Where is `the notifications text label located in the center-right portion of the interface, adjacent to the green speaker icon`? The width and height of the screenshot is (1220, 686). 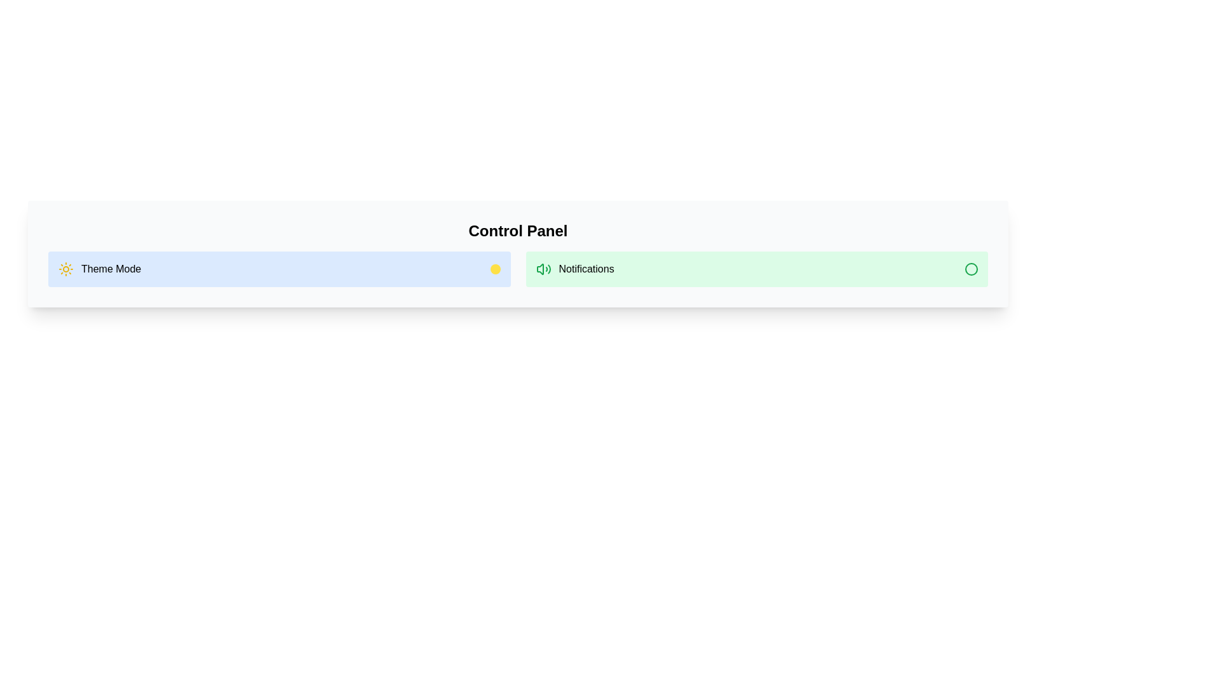
the notifications text label located in the center-right portion of the interface, adjacent to the green speaker icon is located at coordinates (586, 269).